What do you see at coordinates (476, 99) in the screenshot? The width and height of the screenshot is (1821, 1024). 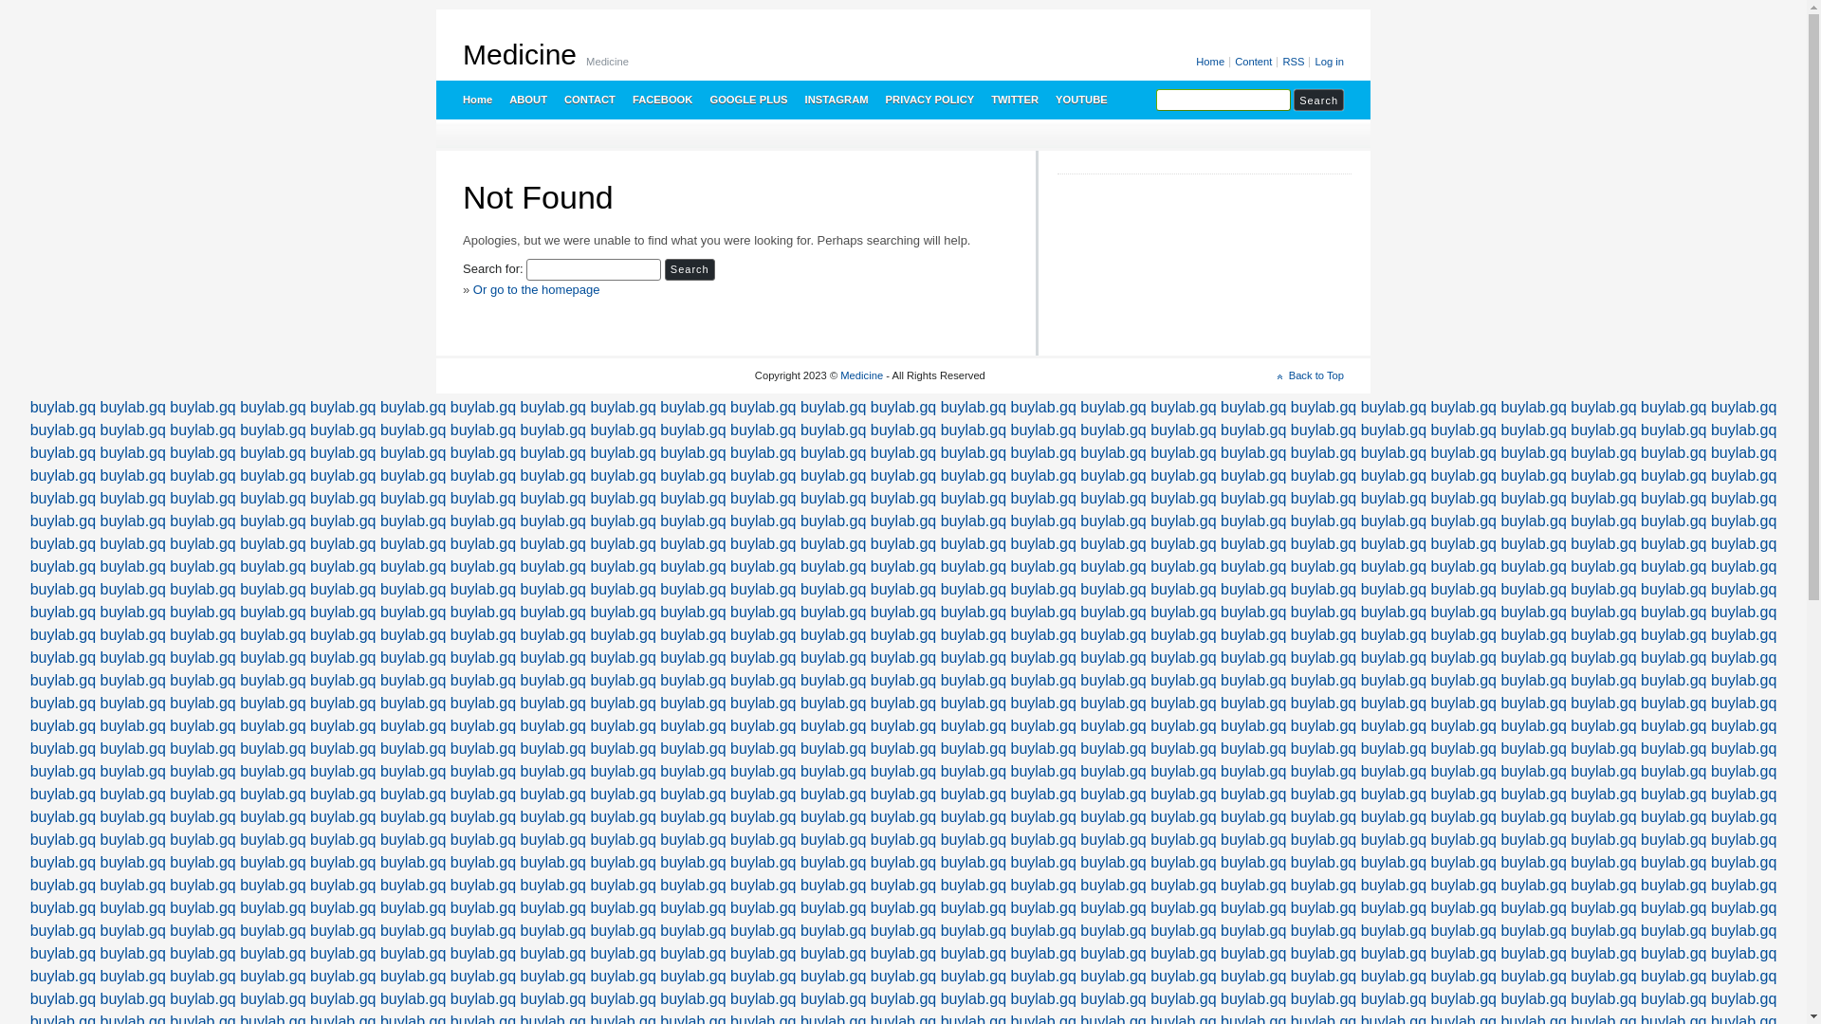 I see `'Home'` at bounding box center [476, 99].